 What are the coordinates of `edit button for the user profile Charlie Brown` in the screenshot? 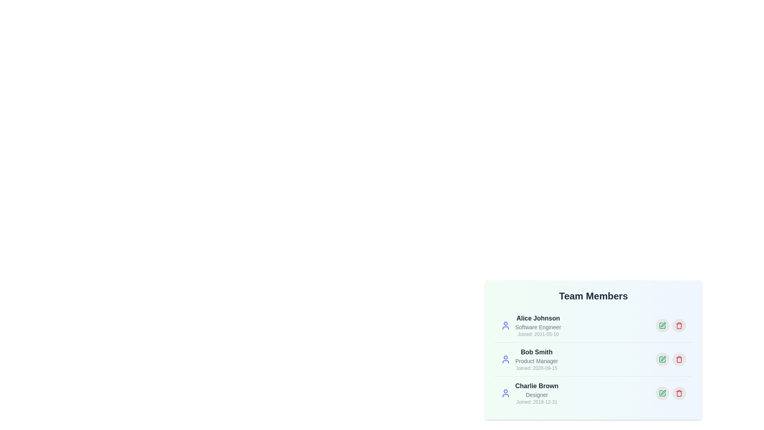 It's located at (663, 393).